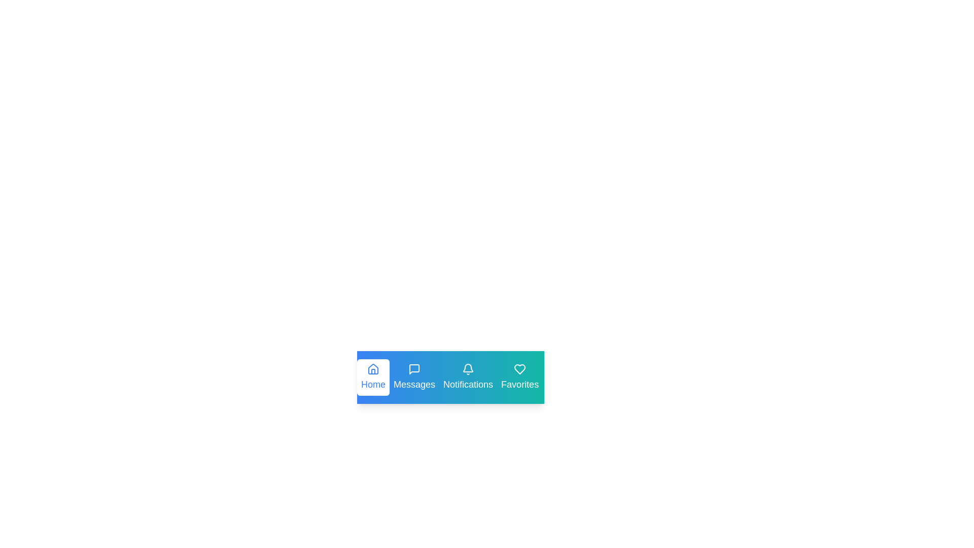 The image size is (974, 548). What do you see at coordinates (414, 378) in the screenshot?
I see `the tab labeled Messages to preview its interaction` at bounding box center [414, 378].